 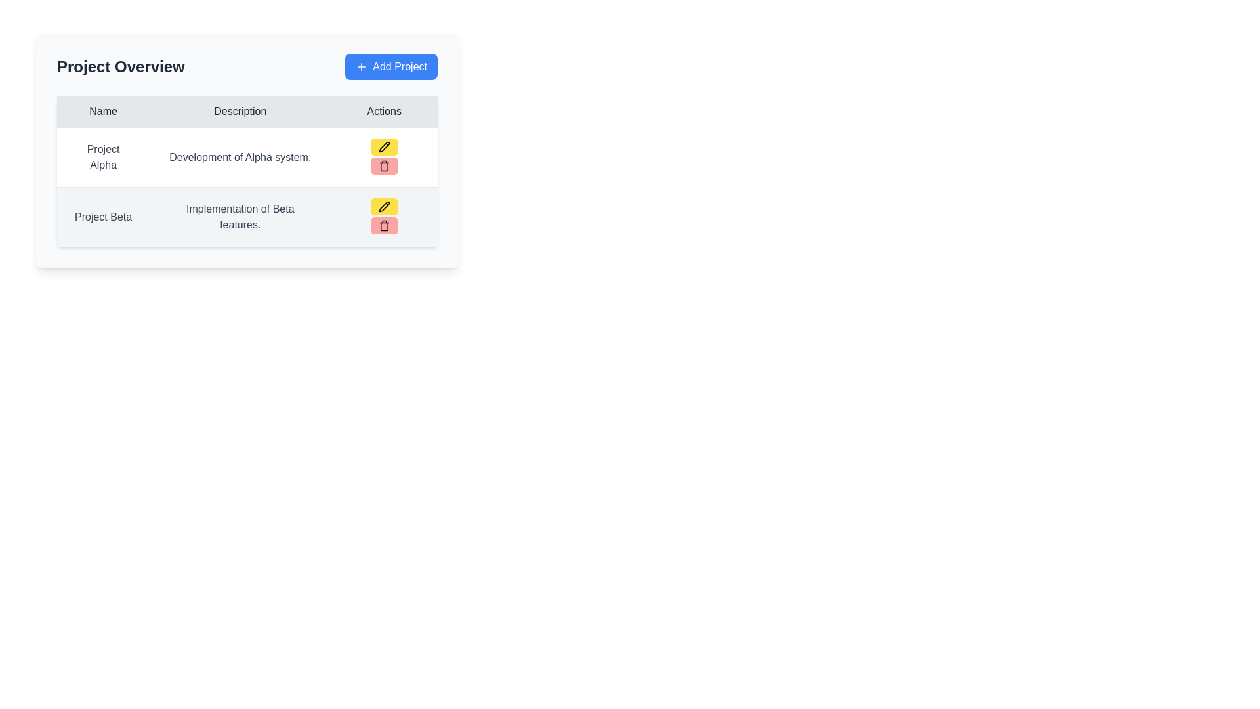 What do you see at coordinates (240, 216) in the screenshot?
I see `the Text label that provides a description or summary related to the 'Project Beta' entry in the second row, middle column of the table` at bounding box center [240, 216].